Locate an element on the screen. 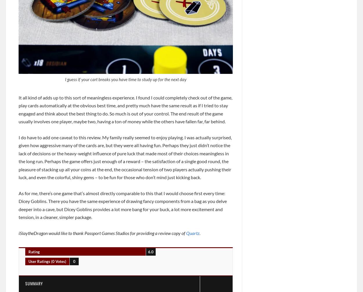 The width and height of the screenshot is (363, 292). 'It all kind of adds up to this sort of meaningless experience. I found I could completely check out of the game, play cards automatically at the obvious best time, and pretty much have the same result as if I tried to stay engaged and think about the best thing to do. So much is out of your control. The end result of the game usually involves one player, maybe two, having a ton of money while the others have fallen far, far behind.' is located at coordinates (125, 109).